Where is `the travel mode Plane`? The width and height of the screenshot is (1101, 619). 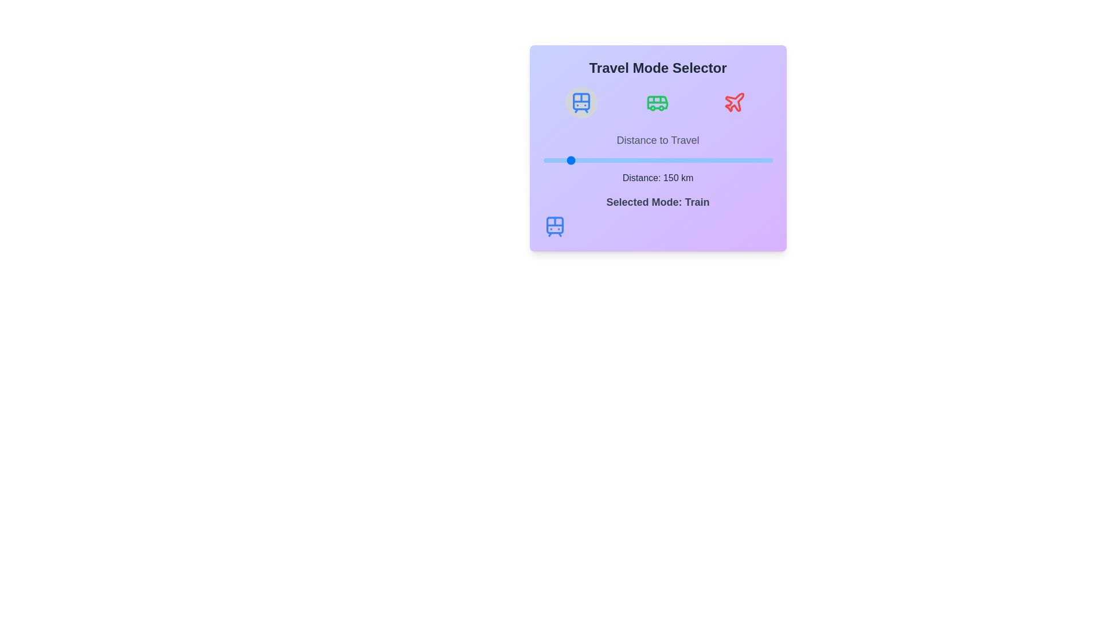 the travel mode Plane is located at coordinates (734, 101).